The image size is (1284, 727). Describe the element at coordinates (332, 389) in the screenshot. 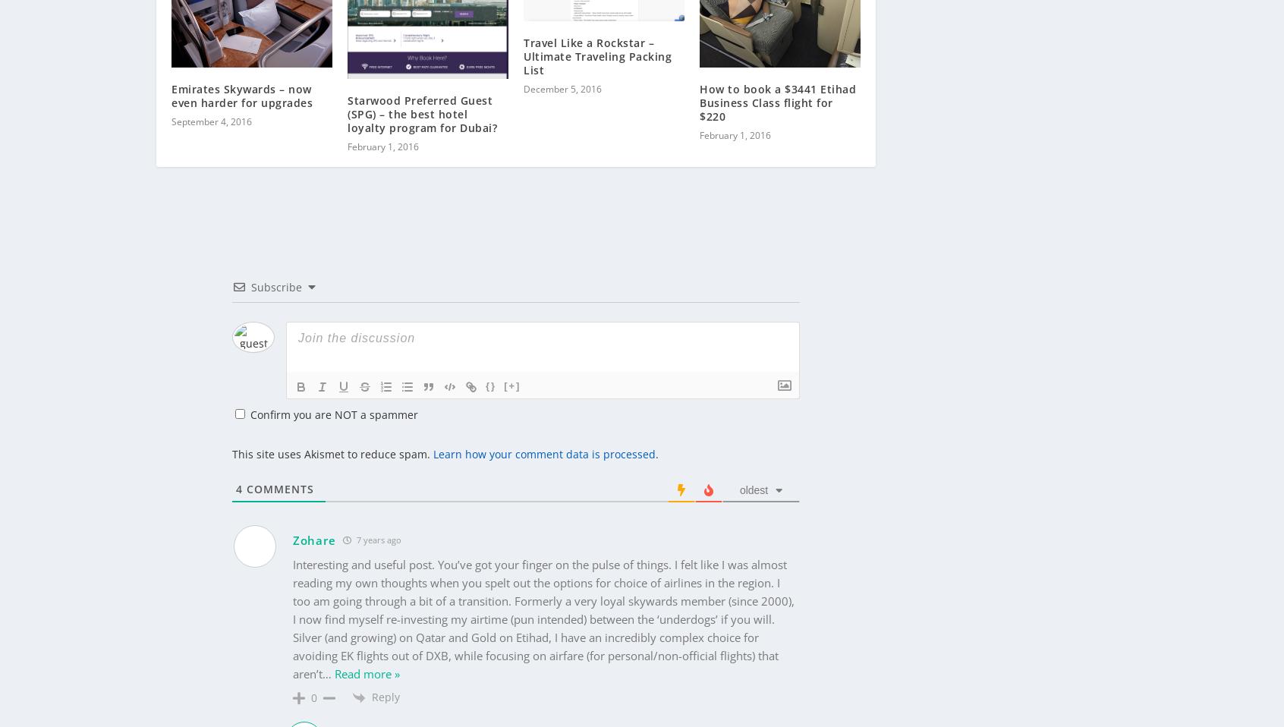

I see `'Confirm you are NOT a spammer'` at that location.